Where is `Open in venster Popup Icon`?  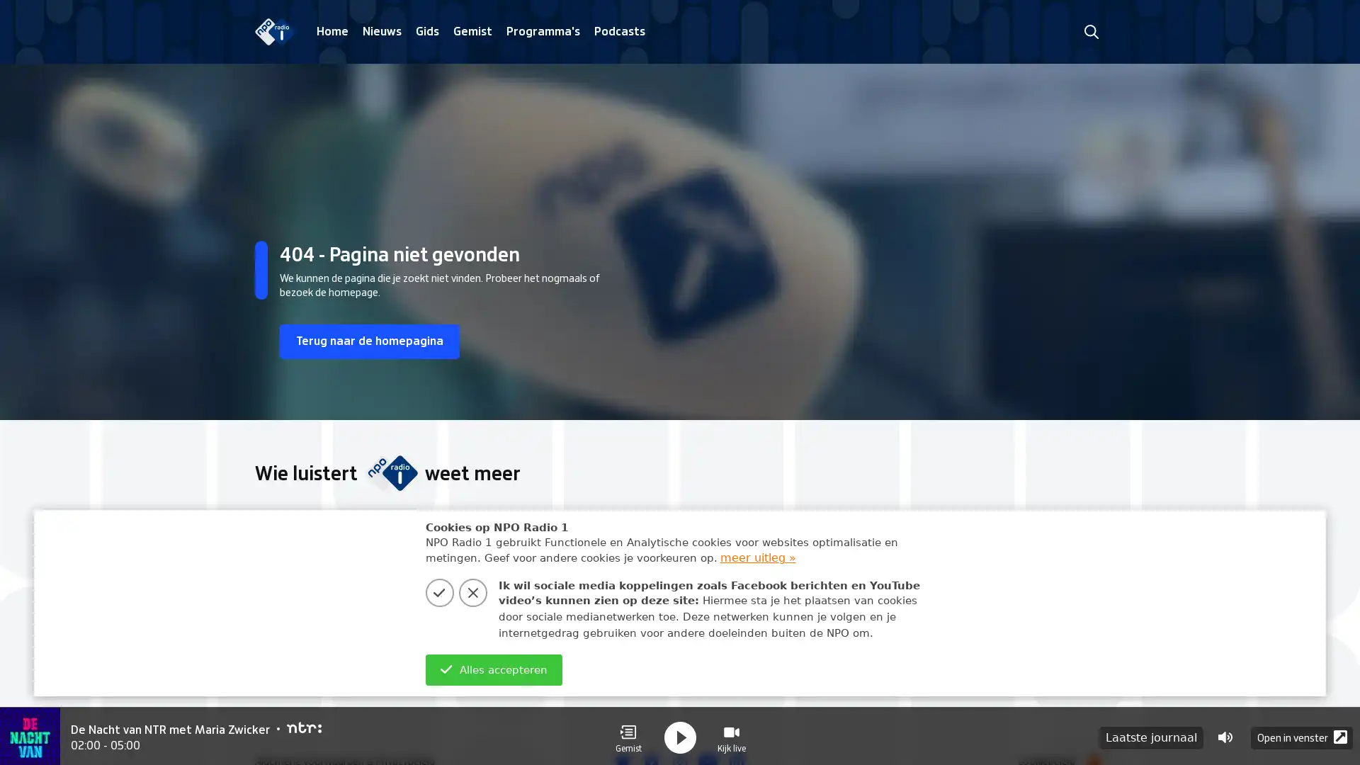
Open in venster Popup Icon is located at coordinates (1302, 734).